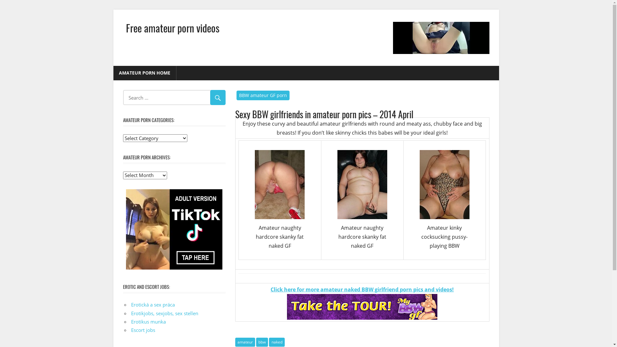  What do you see at coordinates (144, 73) in the screenshot?
I see `'AMATEUR PORN HOME'` at bounding box center [144, 73].